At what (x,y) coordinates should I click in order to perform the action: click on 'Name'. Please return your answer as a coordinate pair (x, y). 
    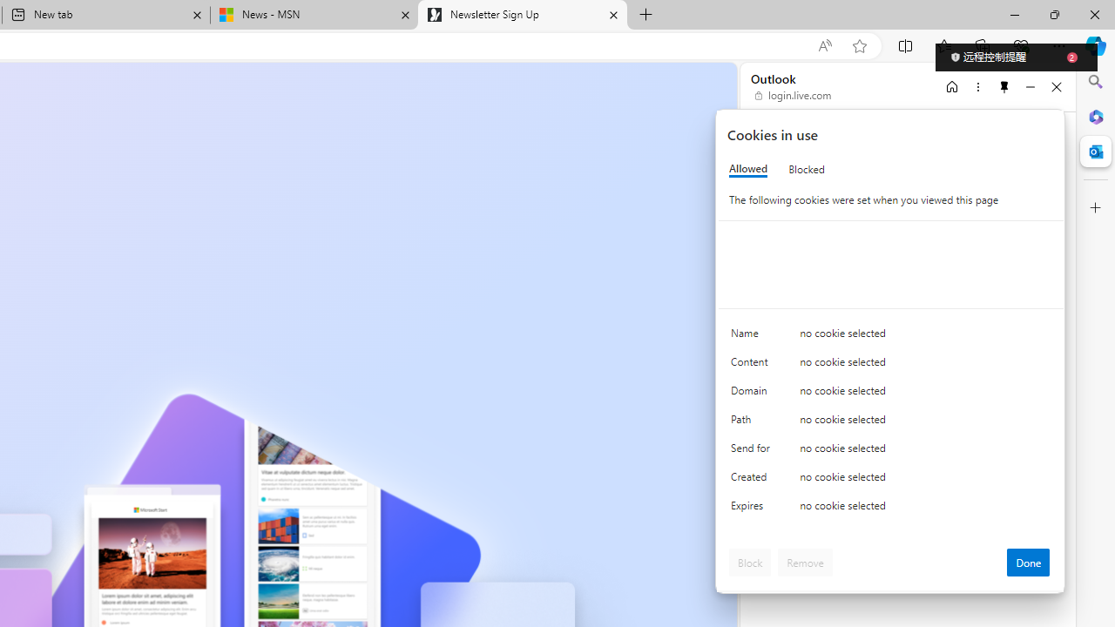
    Looking at the image, I should click on (753, 337).